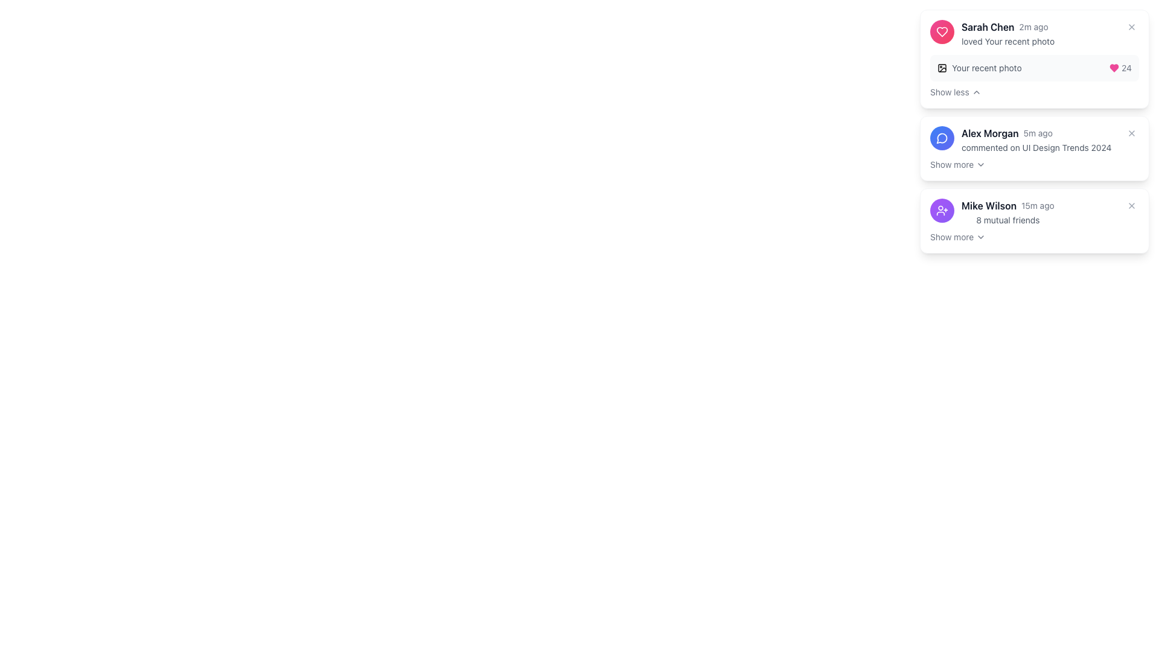 Image resolution: width=1159 pixels, height=652 pixels. Describe the element at coordinates (976, 92) in the screenshot. I see `the upward-pointing chevron icon located to the right of the 'Show less' text` at that location.